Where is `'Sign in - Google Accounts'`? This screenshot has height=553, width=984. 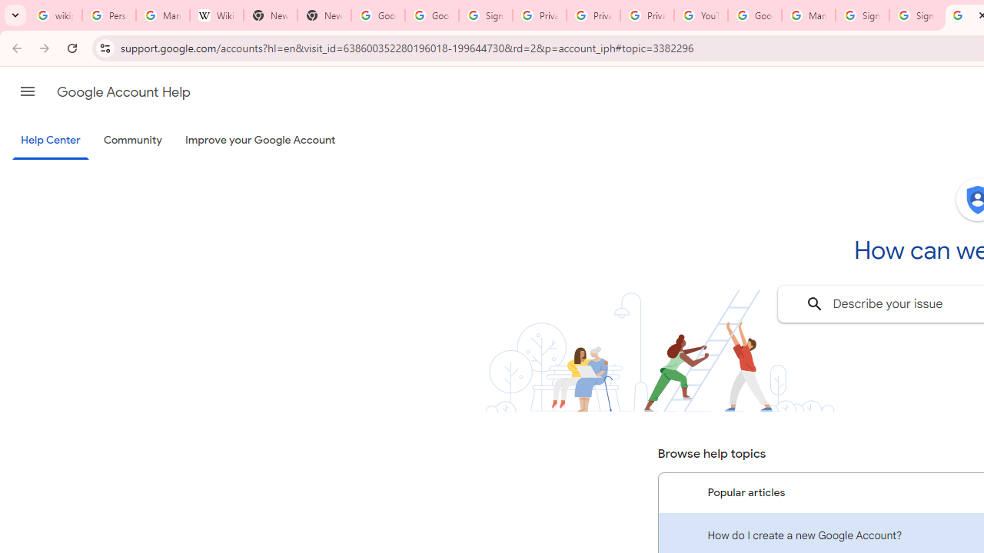 'Sign in - Google Accounts' is located at coordinates (862, 15).